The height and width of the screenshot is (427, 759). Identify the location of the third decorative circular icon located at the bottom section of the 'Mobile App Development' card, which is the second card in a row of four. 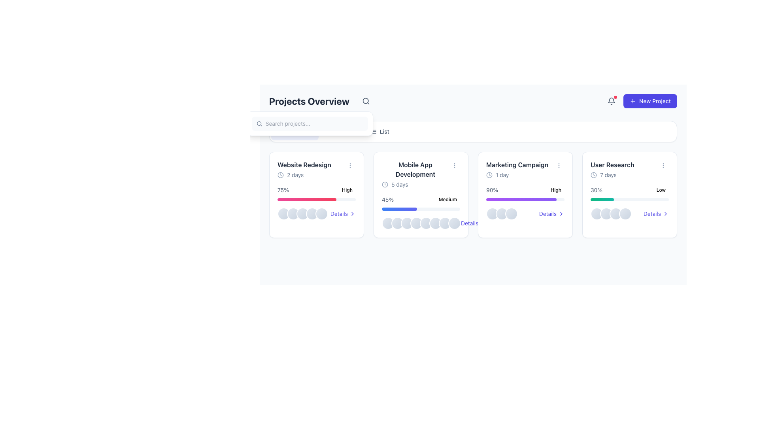
(407, 223).